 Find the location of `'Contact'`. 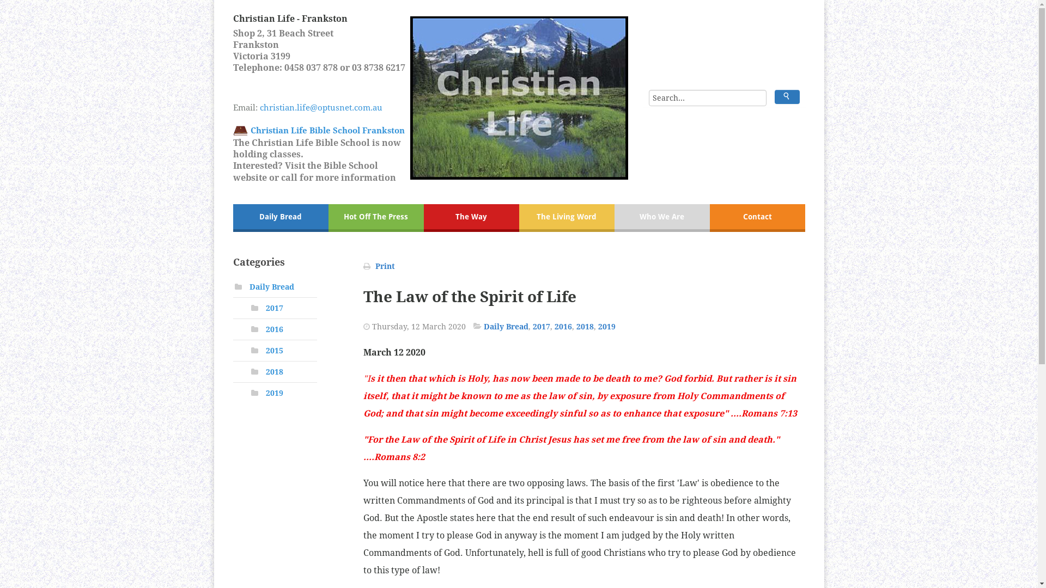

'Contact' is located at coordinates (756, 218).